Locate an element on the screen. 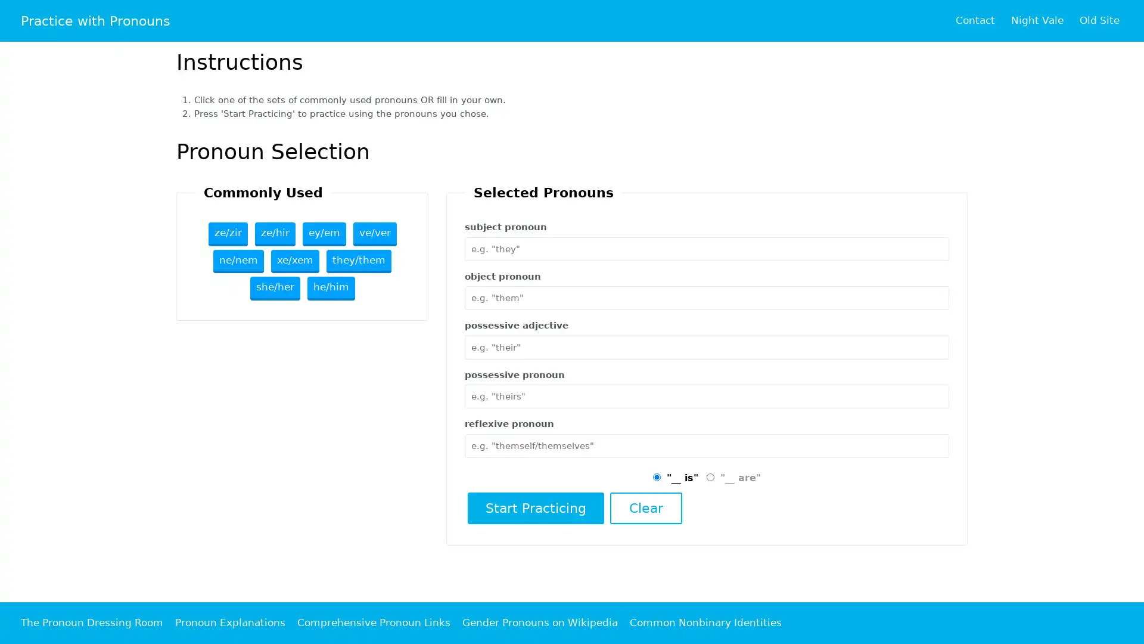  ey/em is located at coordinates (324, 234).